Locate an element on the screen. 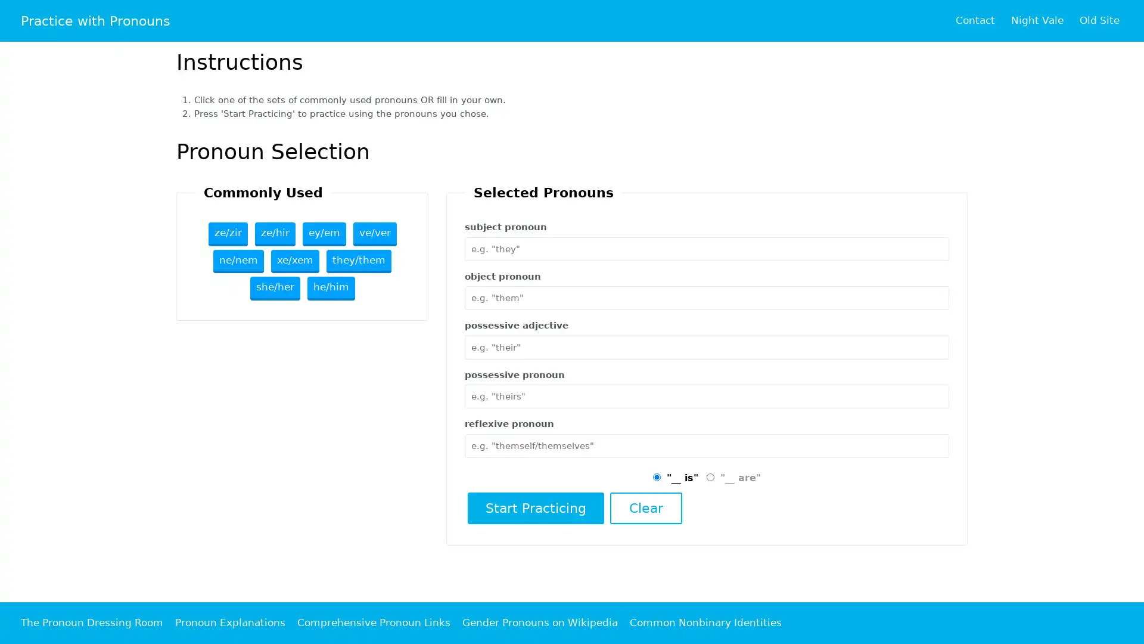  ey/em is located at coordinates (324, 234).